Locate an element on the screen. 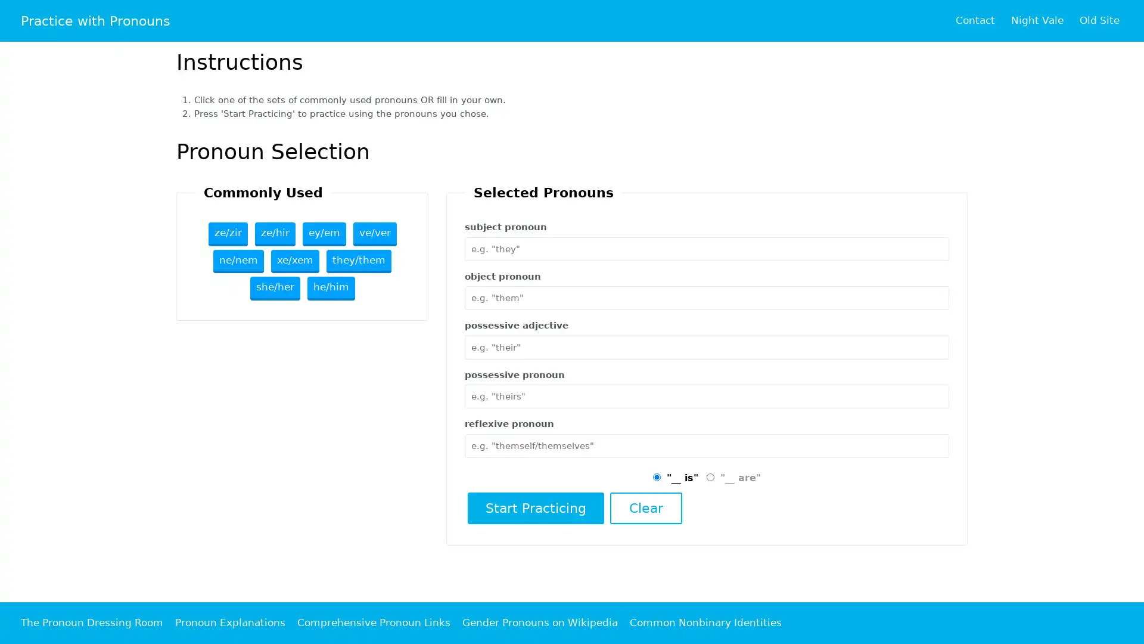  ey/em is located at coordinates (324, 234).